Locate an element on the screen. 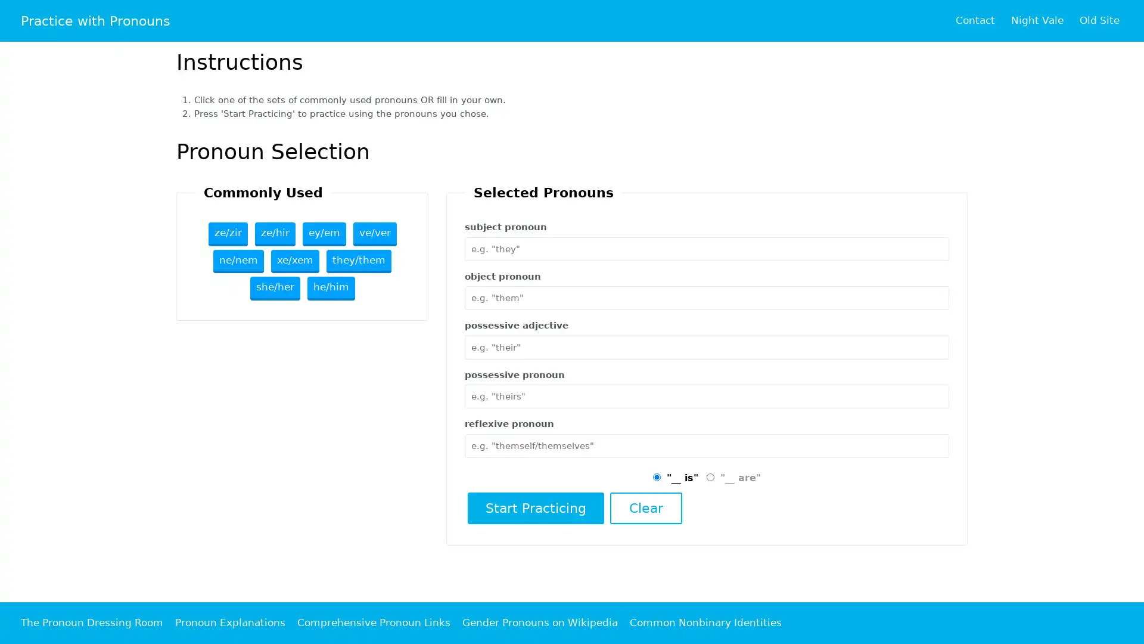  ey/em is located at coordinates (324, 234).